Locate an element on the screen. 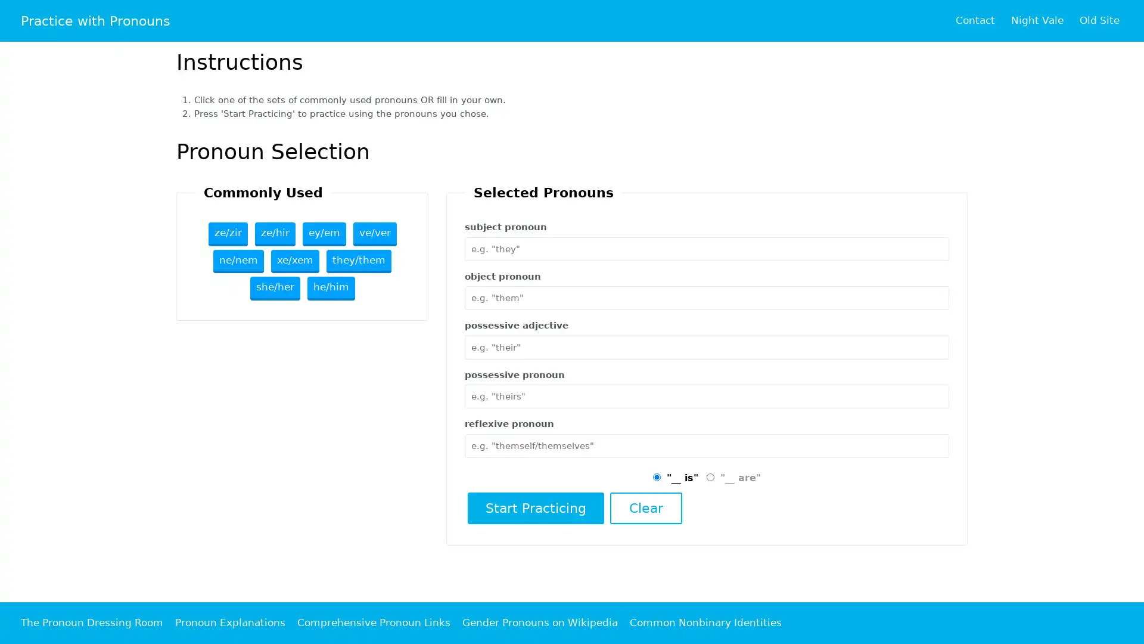  ey/em is located at coordinates (324, 234).